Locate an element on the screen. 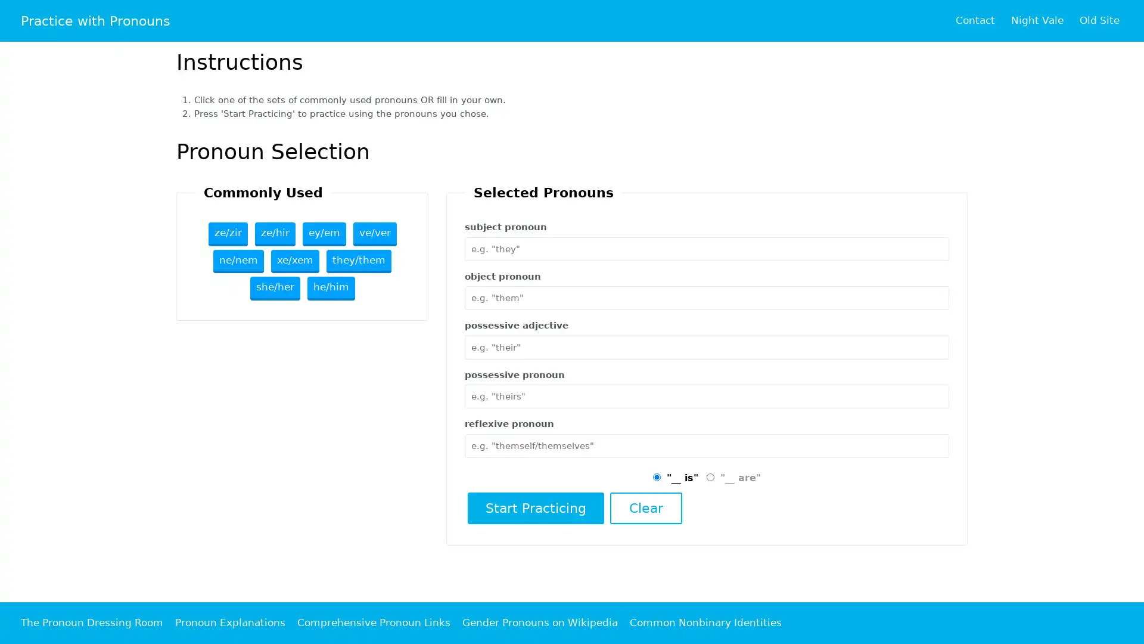  ey/em is located at coordinates (324, 234).